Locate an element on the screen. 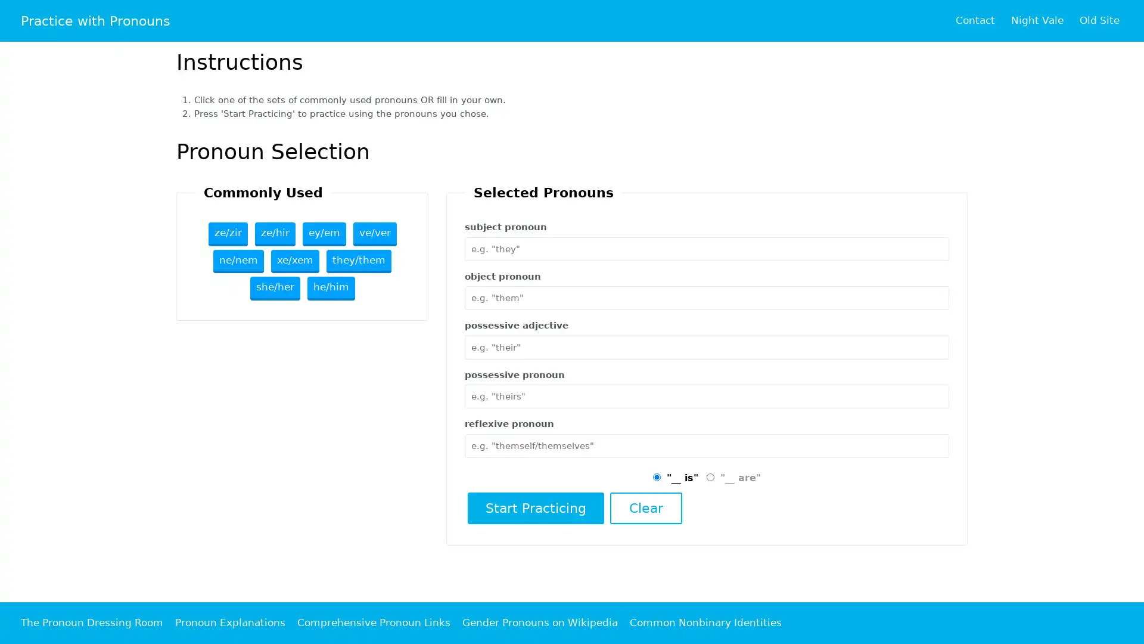  ey/em is located at coordinates (324, 234).